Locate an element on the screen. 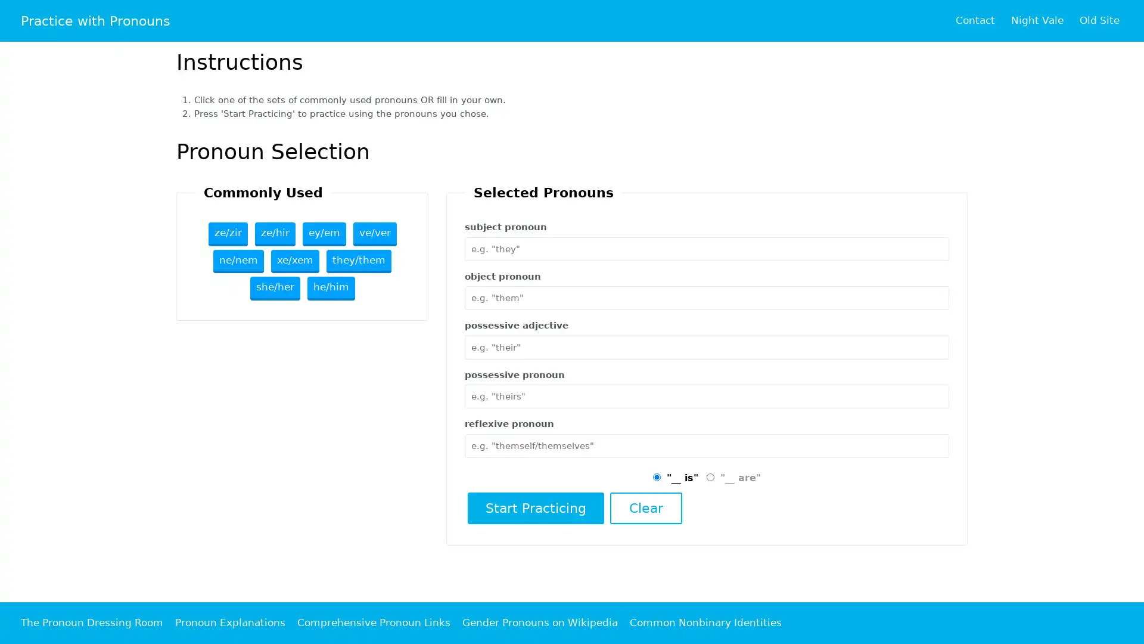  ey/em is located at coordinates (324, 234).